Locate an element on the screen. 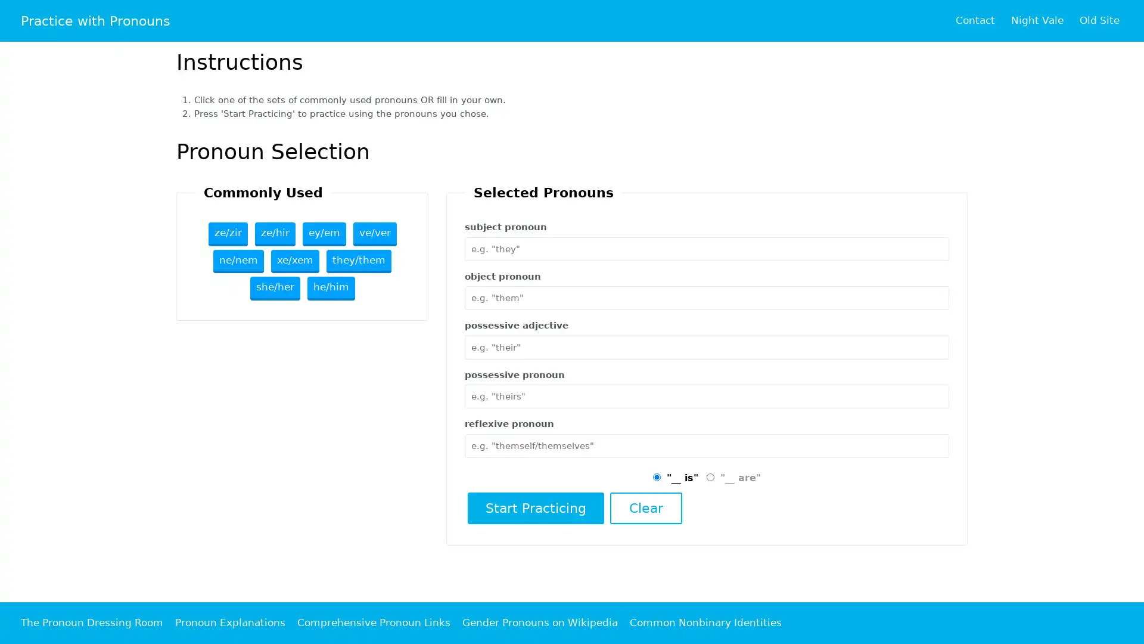  ey/em is located at coordinates (324, 234).